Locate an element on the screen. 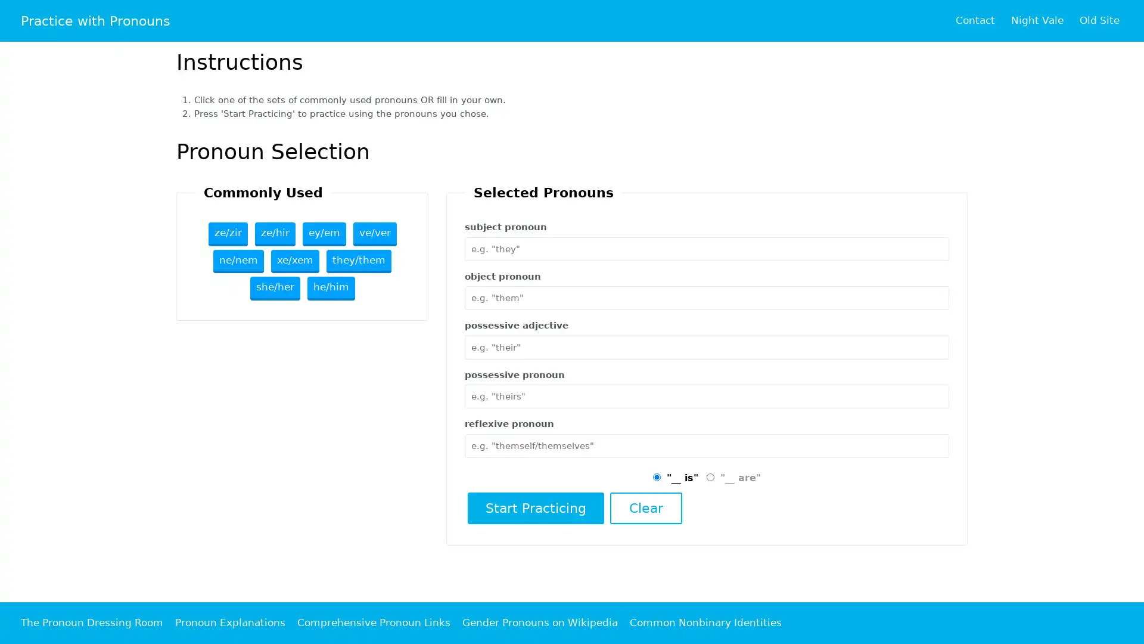  ey/em is located at coordinates (324, 234).